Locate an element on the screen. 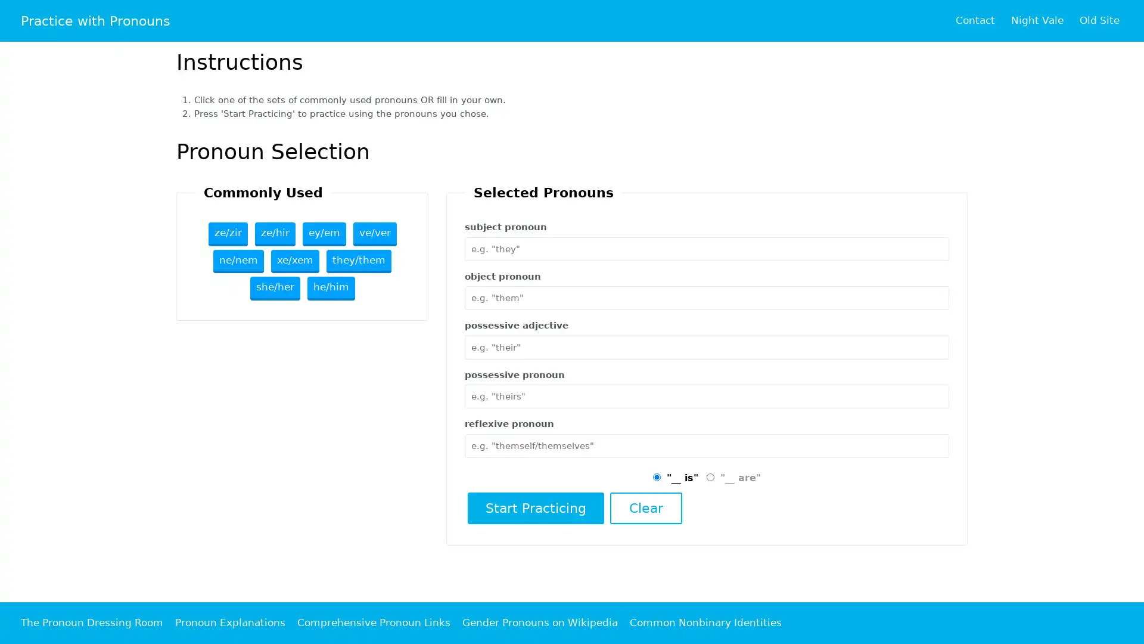  ey/em is located at coordinates (324, 234).